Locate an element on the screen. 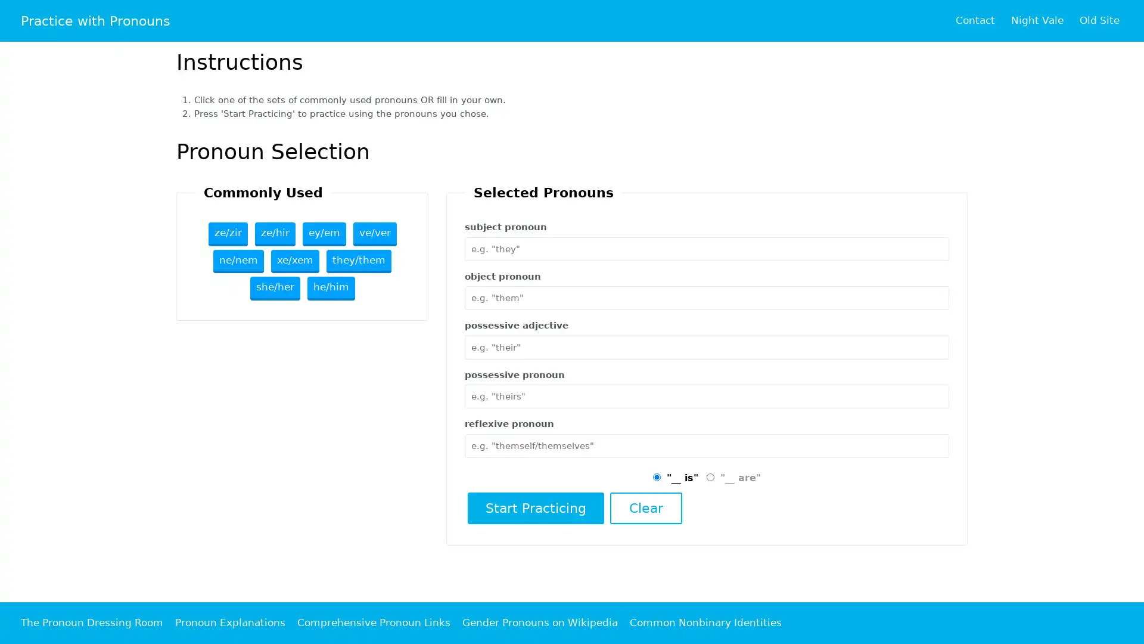  ey/em is located at coordinates (324, 234).